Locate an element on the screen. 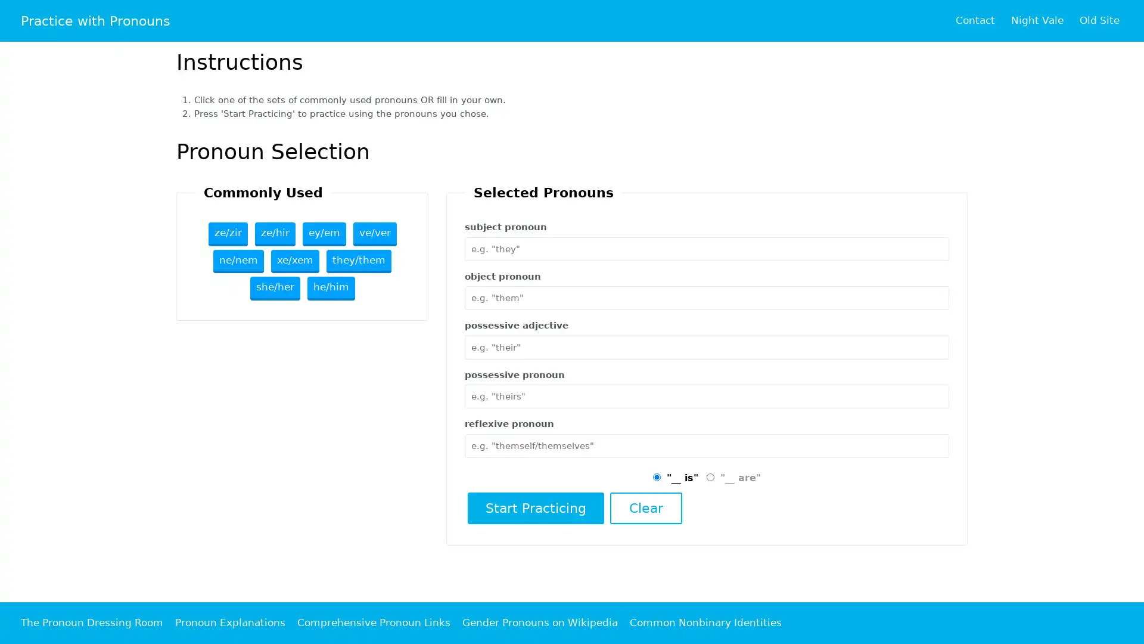  ey/em is located at coordinates (324, 234).